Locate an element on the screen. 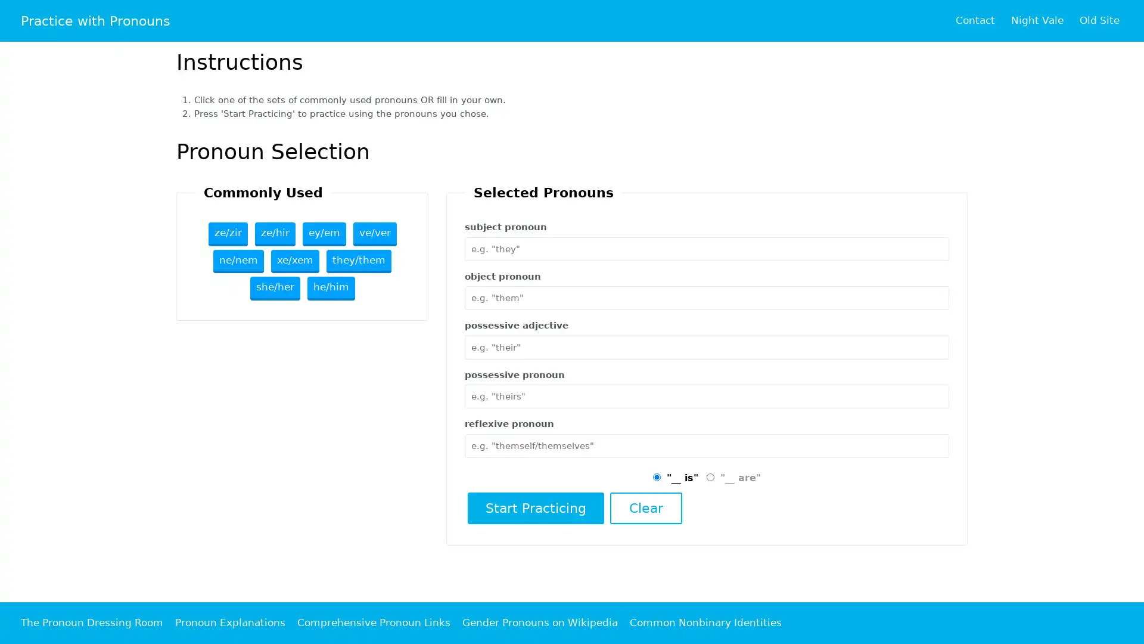  ey/em is located at coordinates (324, 234).